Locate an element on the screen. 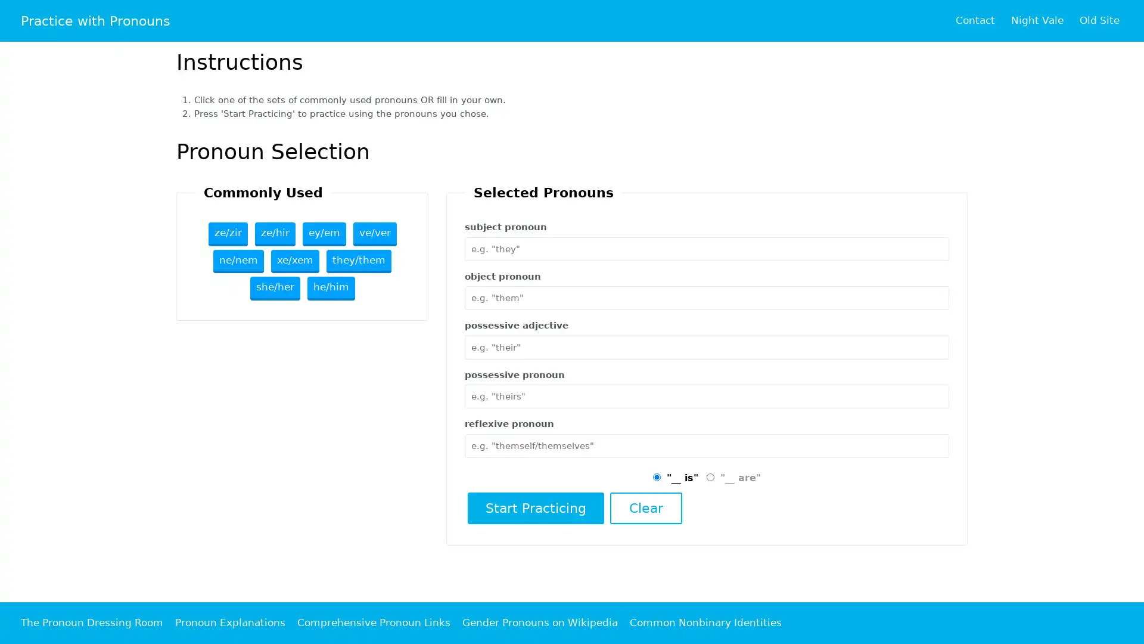  ey/em is located at coordinates (324, 234).